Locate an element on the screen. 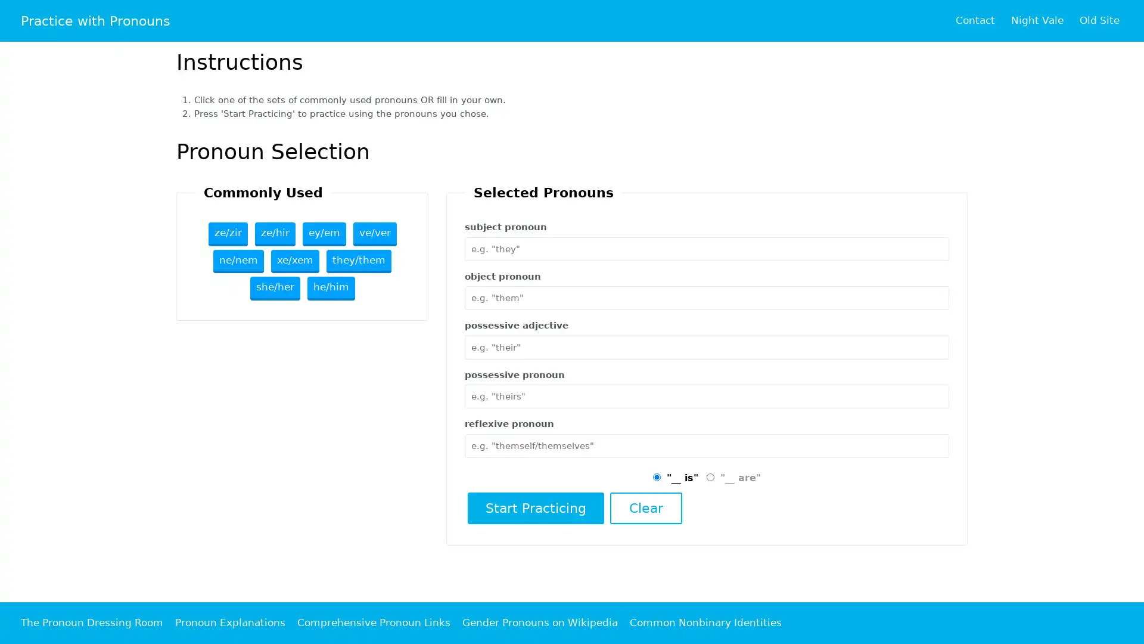  ey/em is located at coordinates (324, 234).